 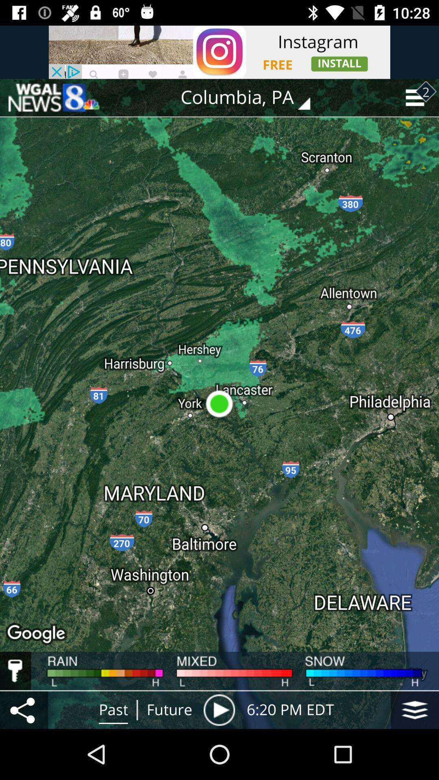 What do you see at coordinates (24, 709) in the screenshot?
I see `the share icon` at bounding box center [24, 709].